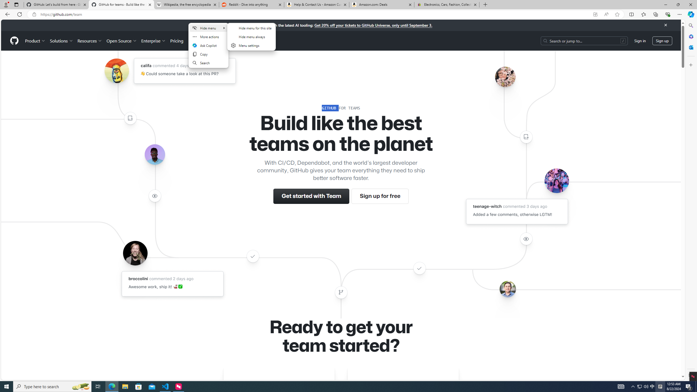  What do you see at coordinates (122, 41) in the screenshot?
I see `'Open Source'` at bounding box center [122, 41].